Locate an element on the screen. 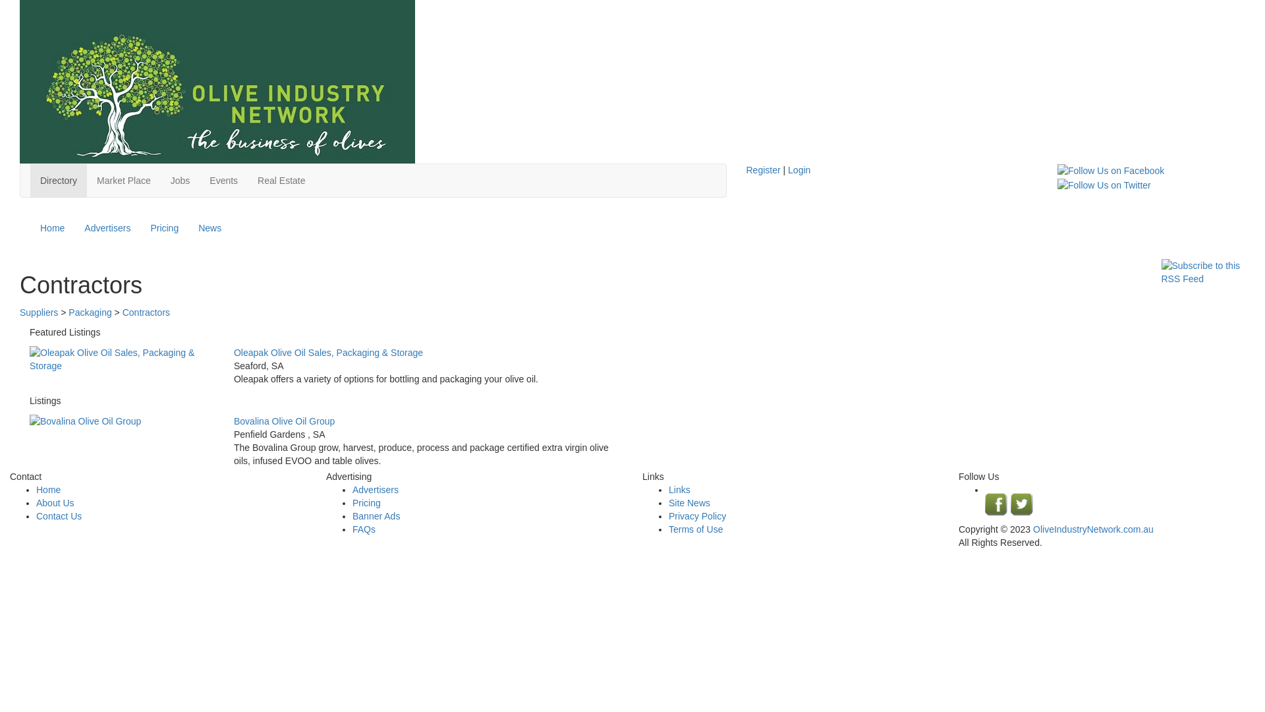 The width and height of the screenshot is (1265, 712). 'Events' is located at coordinates (223, 180).